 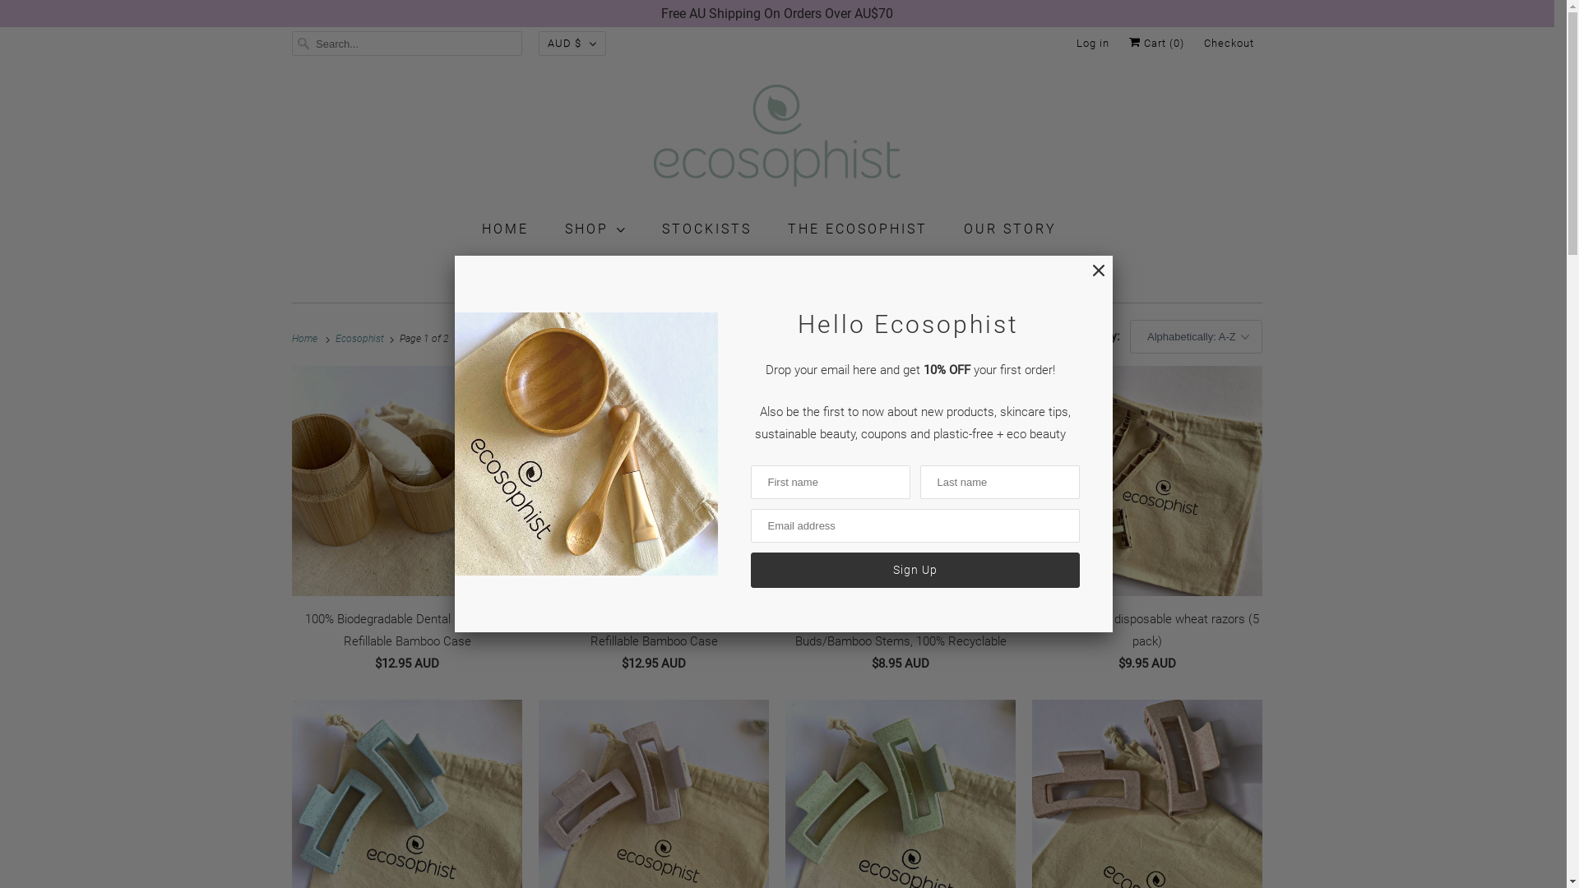 What do you see at coordinates (1009, 229) in the screenshot?
I see `'OUR STORY'` at bounding box center [1009, 229].